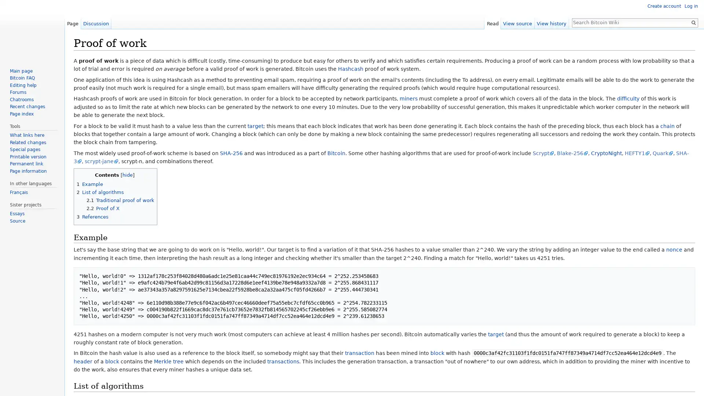 This screenshot has width=704, height=396. I want to click on Go, so click(693, 22).